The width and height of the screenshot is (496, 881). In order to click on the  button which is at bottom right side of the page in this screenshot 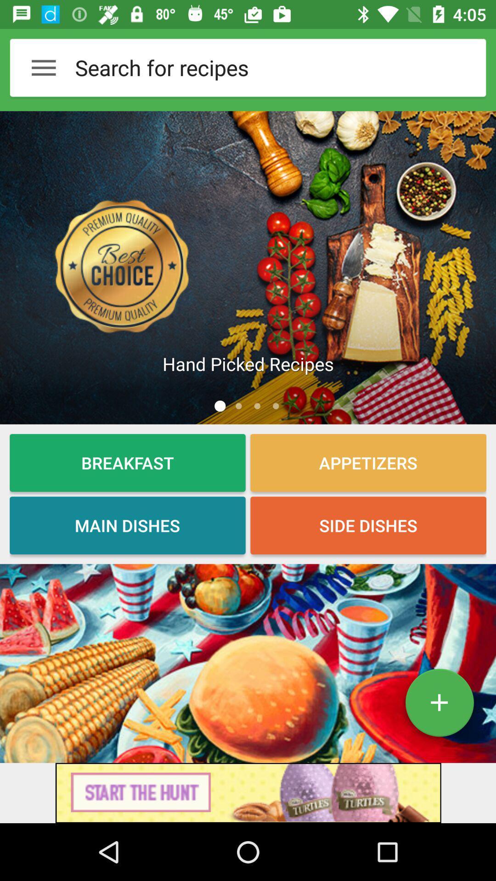, I will do `click(439, 706)`.